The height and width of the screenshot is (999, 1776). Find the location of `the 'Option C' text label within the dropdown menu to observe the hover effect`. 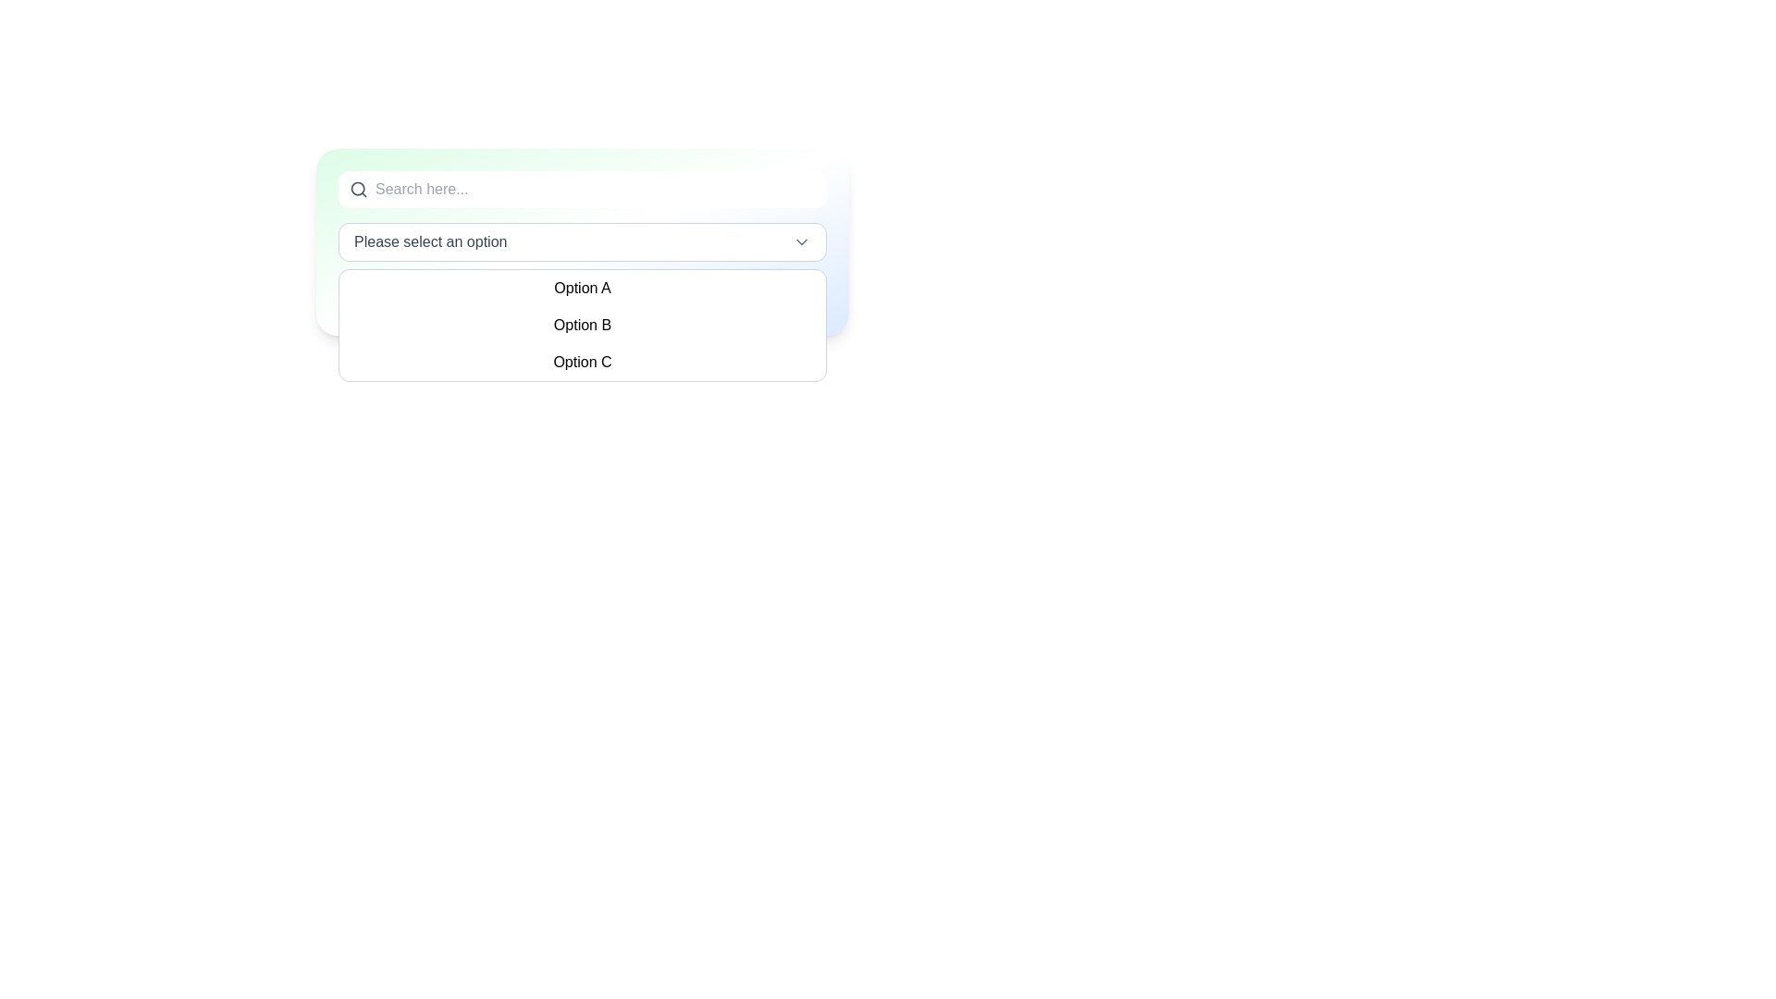

the 'Option C' text label within the dropdown menu to observe the hover effect is located at coordinates (581, 363).